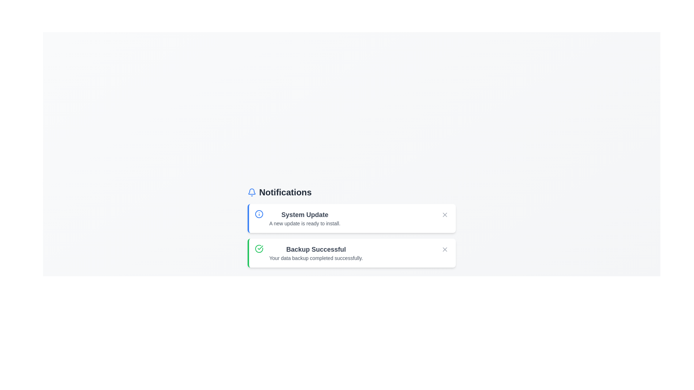 The height and width of the screenshot is (390, 694). I want to click on the notification card titled 'Backup Successful' with a green left border and a checkmark icon, located in the lower central area of the notification section, so click(352, 253).